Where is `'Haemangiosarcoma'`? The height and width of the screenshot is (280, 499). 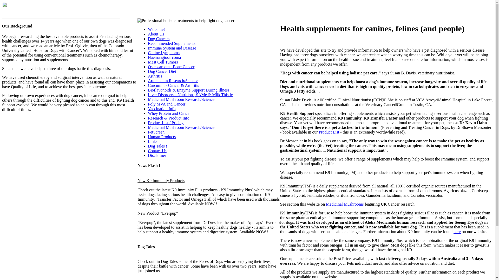
'Haemangiosarcoma' is located at coordinates (164, 57).